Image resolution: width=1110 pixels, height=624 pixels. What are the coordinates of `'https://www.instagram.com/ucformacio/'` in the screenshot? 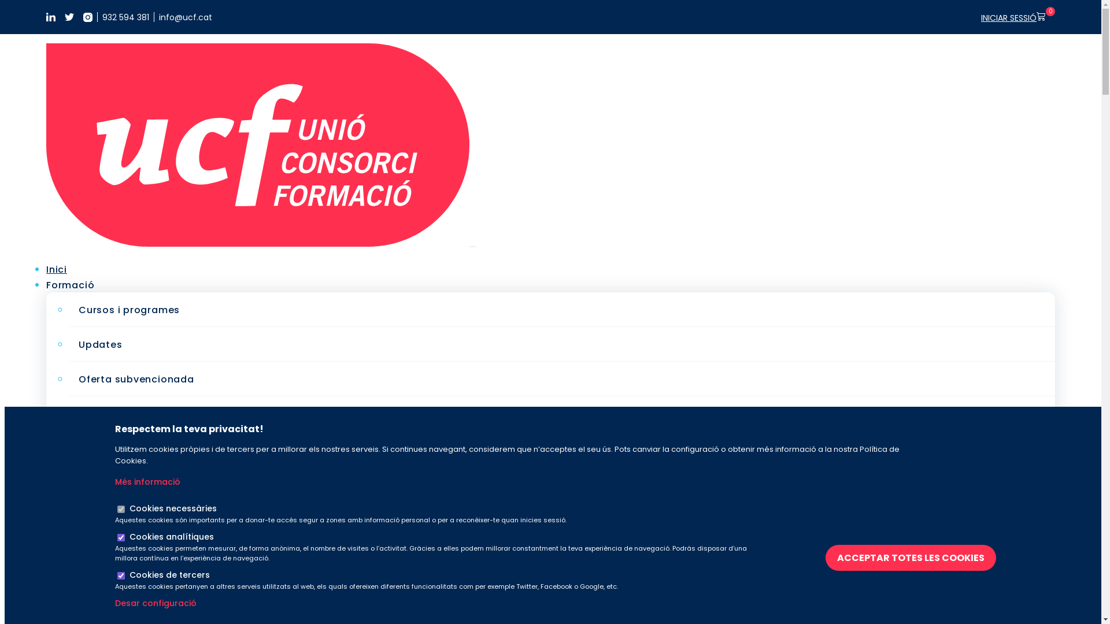 It's located at (87, 17).